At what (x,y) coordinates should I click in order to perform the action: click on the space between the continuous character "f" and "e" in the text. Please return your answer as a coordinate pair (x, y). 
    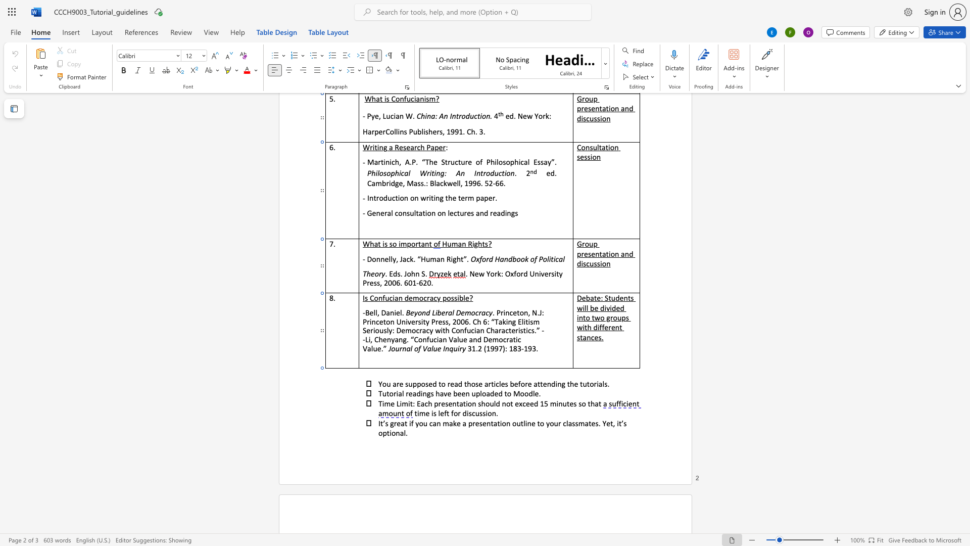
    Looking at the image, I should click on (605, 327).